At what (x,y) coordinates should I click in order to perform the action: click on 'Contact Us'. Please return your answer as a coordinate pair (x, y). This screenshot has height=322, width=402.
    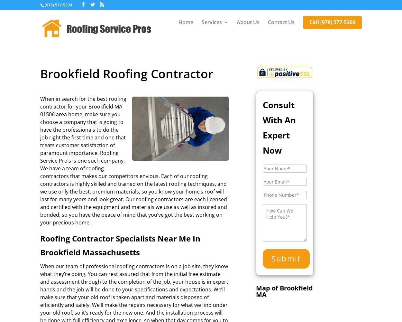
    Looking at the image, I should click on (281, 22).